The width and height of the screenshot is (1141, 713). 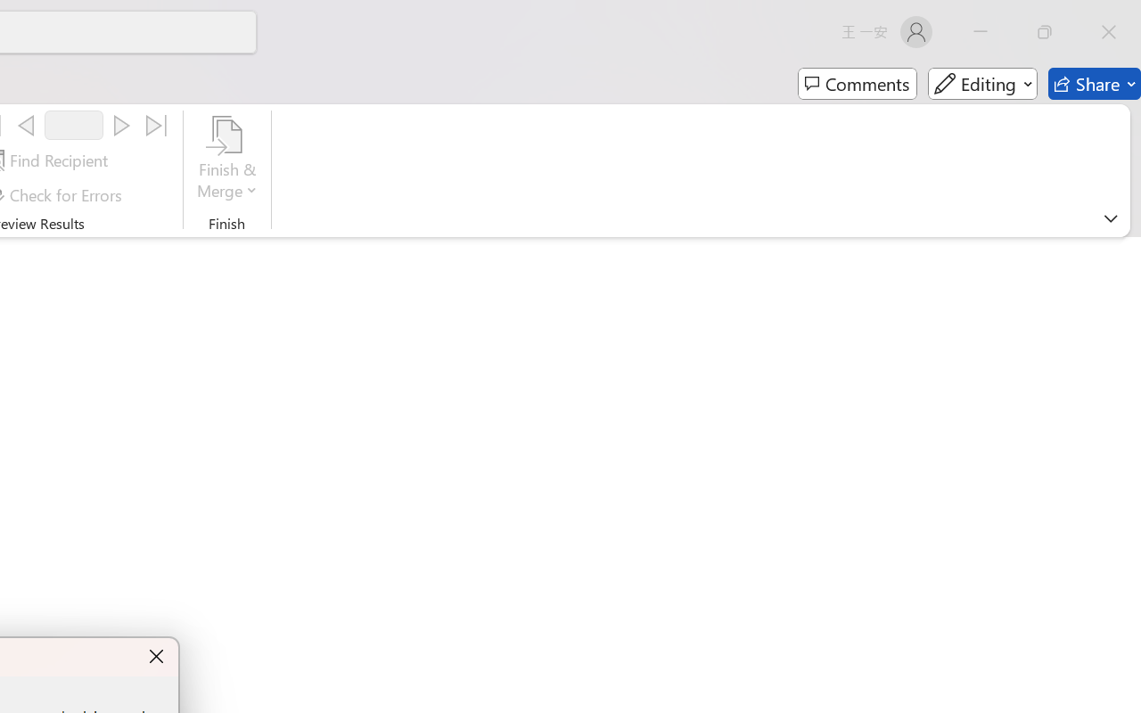 What do you see at coordinates (73, 125) in the screenshot?
I see `'Record'` at bounding box center [73, 125].